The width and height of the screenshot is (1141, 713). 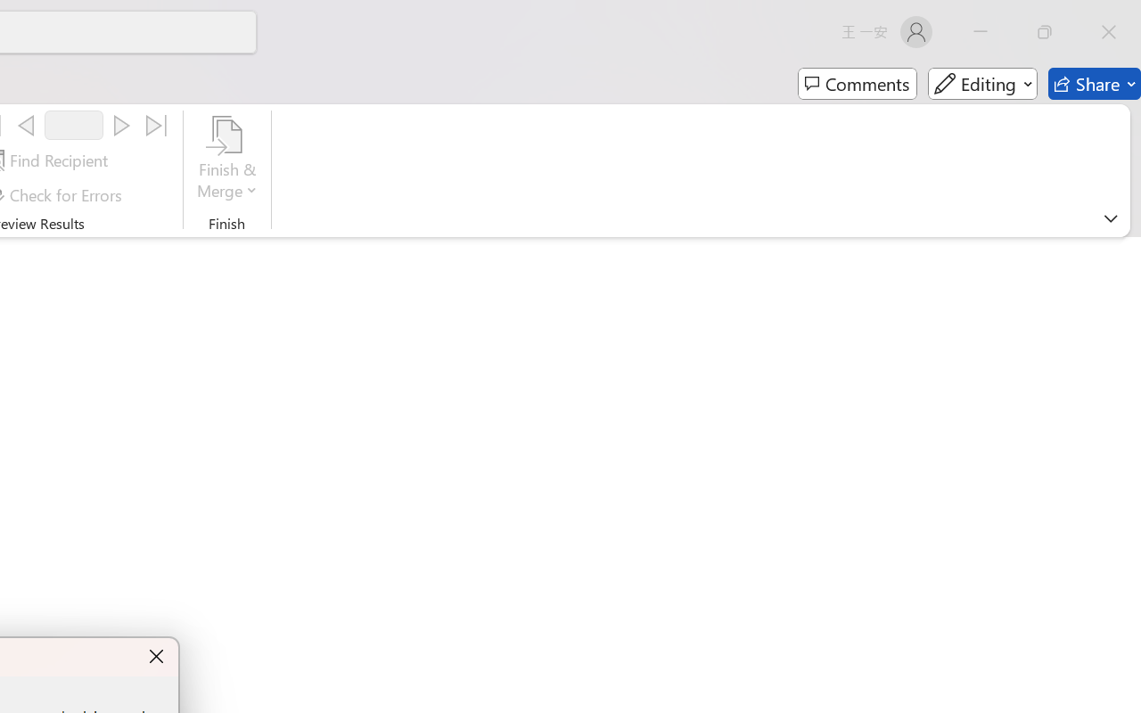 What do you see at coordinates (73, 125) in the screenshot?
I see `'Record'` at bounding box center [73, 125].